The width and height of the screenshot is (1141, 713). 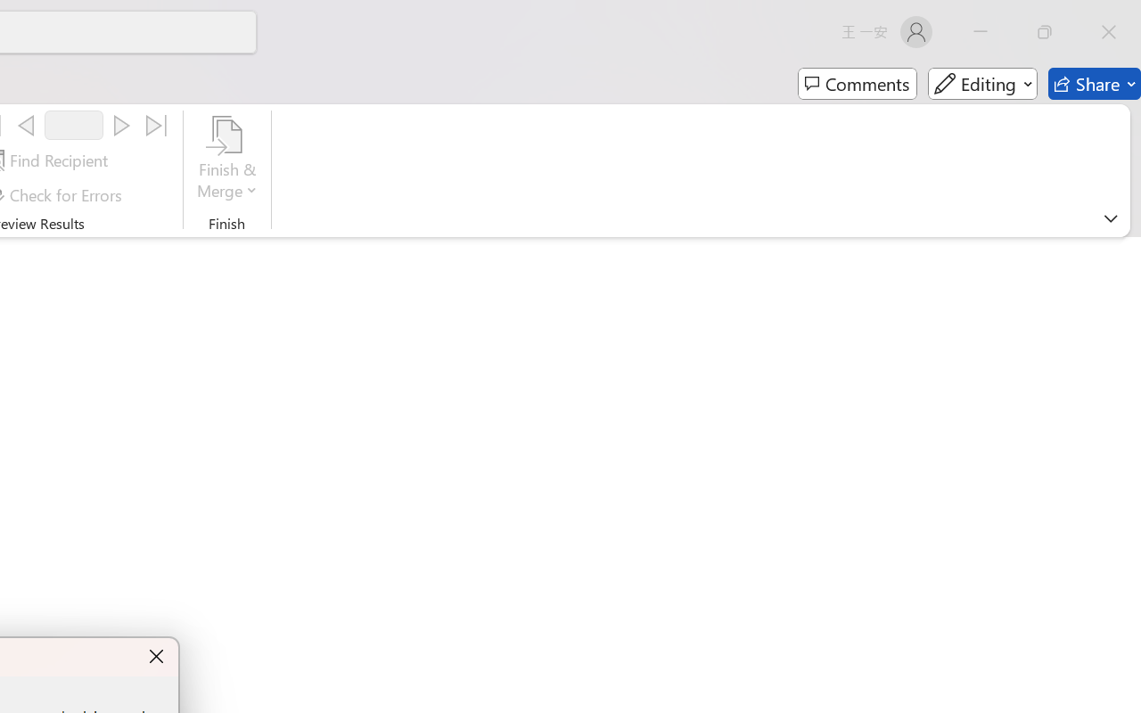 What do you see at coordinates (73, 125) in the screenshot?
I see `'Record'` at bounding box center [73, 125].